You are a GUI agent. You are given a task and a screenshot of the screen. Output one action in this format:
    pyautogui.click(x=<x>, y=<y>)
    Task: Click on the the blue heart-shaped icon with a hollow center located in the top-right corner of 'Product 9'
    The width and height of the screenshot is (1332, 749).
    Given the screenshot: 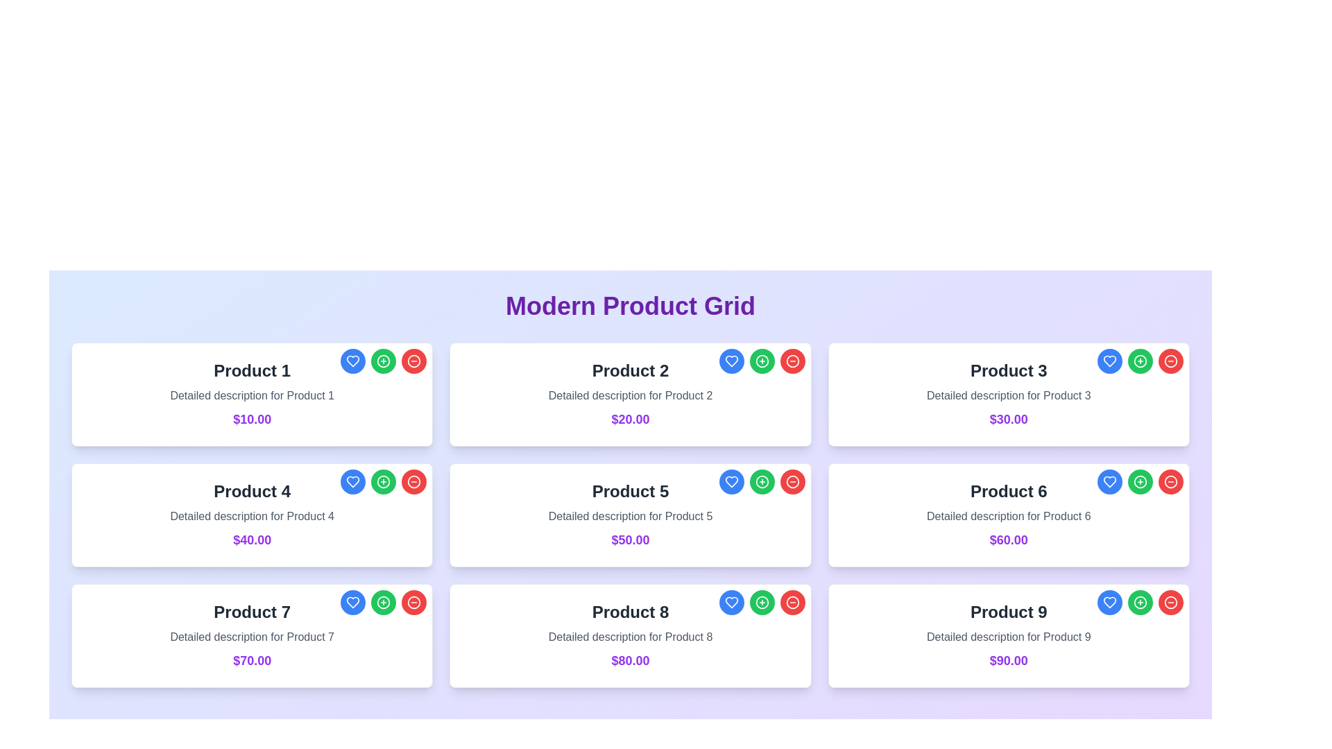 What is the action you would take?
    pyautogui.click(x=1109, y=601)
    